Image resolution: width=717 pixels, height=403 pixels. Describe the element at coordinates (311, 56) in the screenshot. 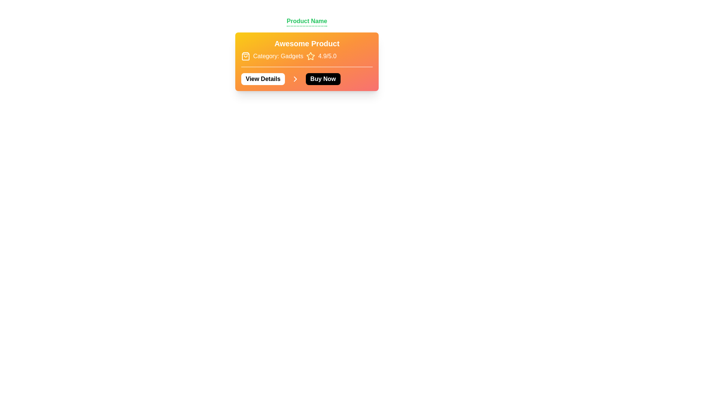

I see `the star-shaped icon filled with an orange gradient, which is located next to the rating text '4.9/5.0' in the product details card` at that location.